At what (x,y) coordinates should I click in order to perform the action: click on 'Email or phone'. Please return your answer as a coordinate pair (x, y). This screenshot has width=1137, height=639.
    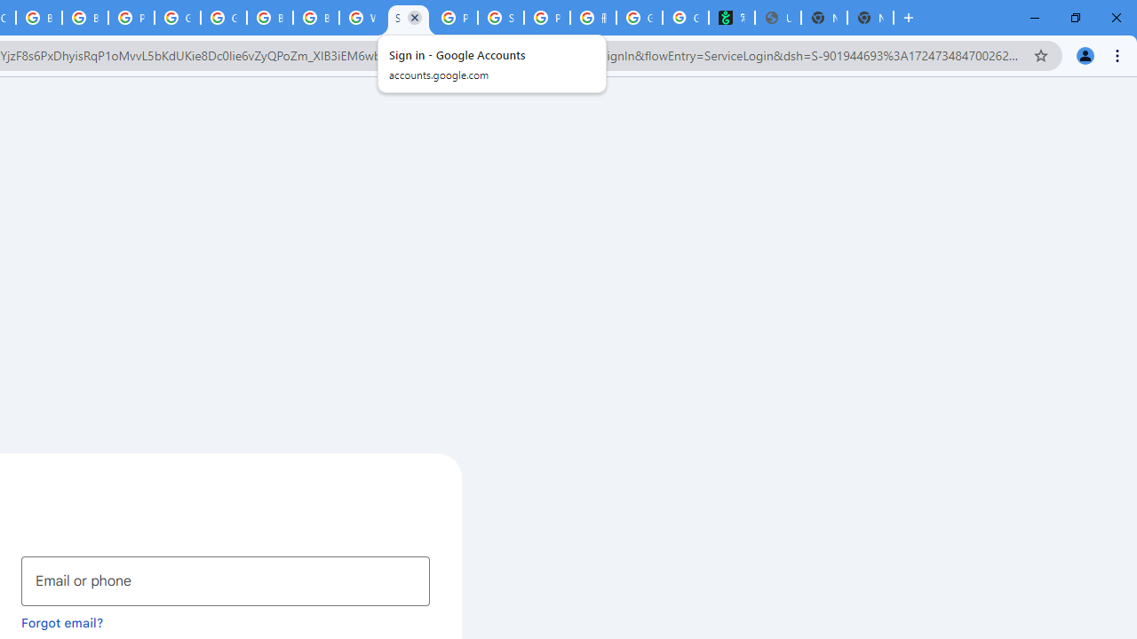
    Looking at the image, I should click on (225, 580).